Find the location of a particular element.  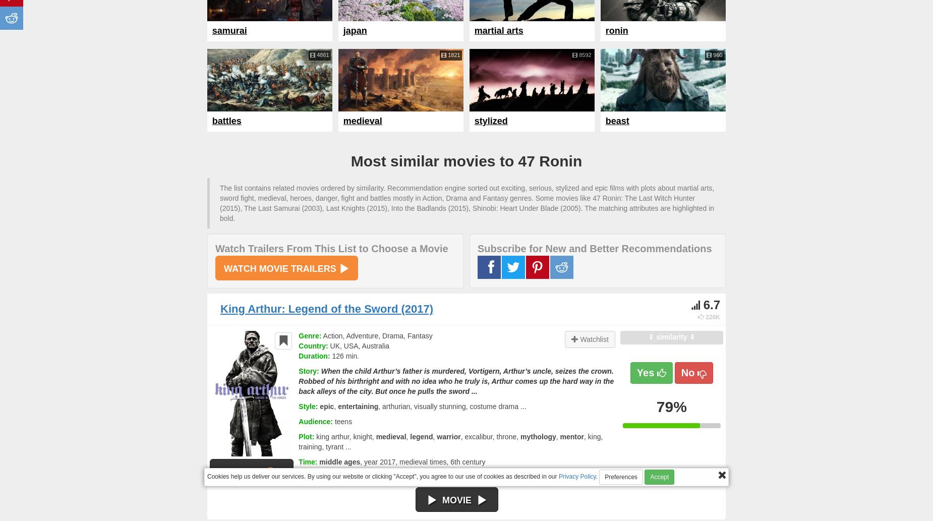

'The list contains related movies ordered by similarity. Recommendation engine sorted out exciting, serious, stylized and epic films with plots about martial arts, sword fight, medieval, heroes, danger, fight and battles mostly in Action, Drama and Fantasy genres. Some movies like 47 Ronin: The Last Witch Hunter (2015), The Last Samurai (2003), Last Knights (2015), Into the Badlands (2015), Shinobi: Heart Under Blade (2005). The matching attributes are highlighted in bold.' is located at coordinates (466, 203).